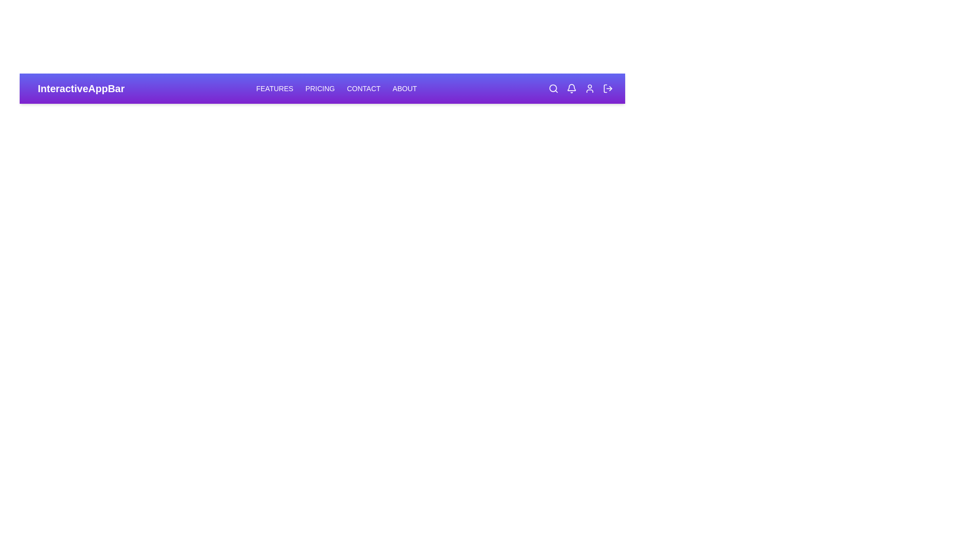 The height and width of the screenshot is (544, 968). I want to click on the 'Features' navigation link to navigate to the 'Features' section, so click(275, 88).